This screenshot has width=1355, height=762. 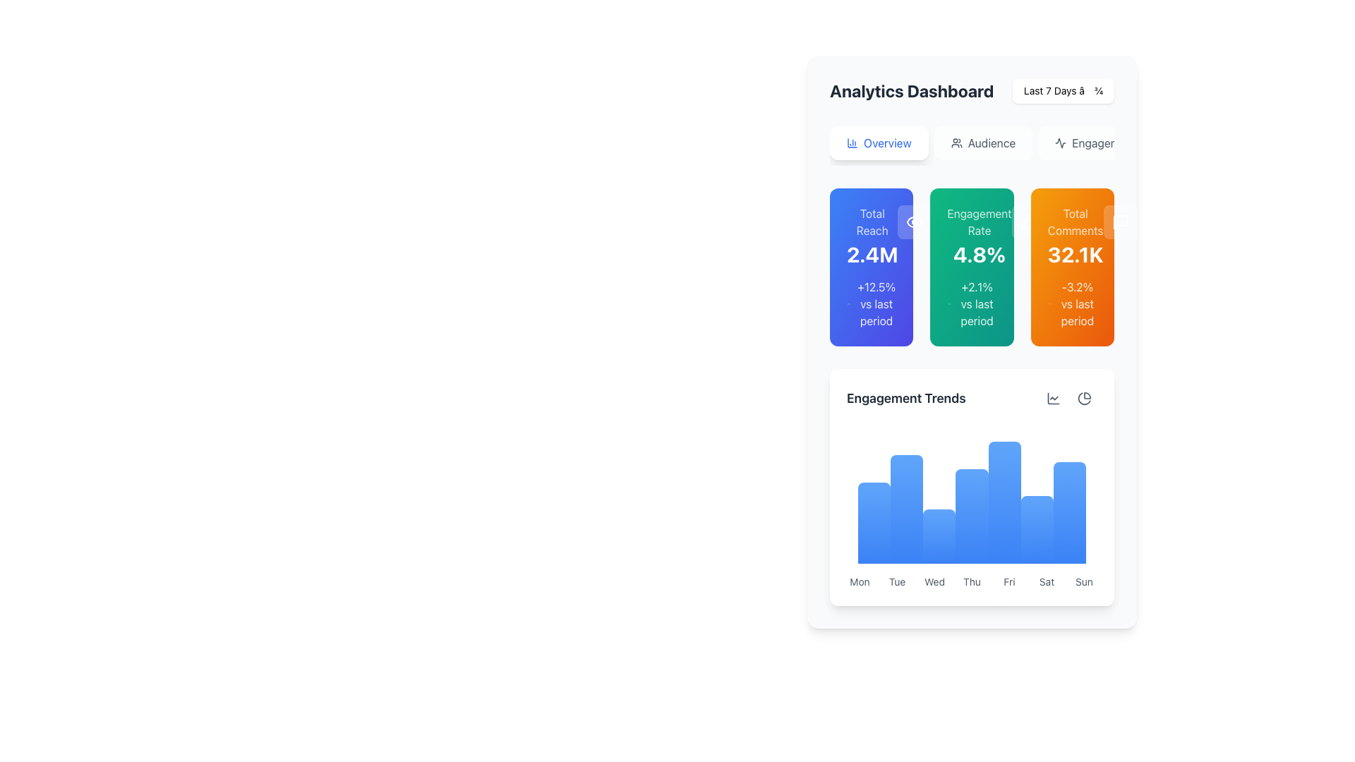 I want to click on the icon within the 'Overview' button, which symbolizes analytics and summarization, located at the left of the navigation section of the dashboard, so click(x=852, y=143).